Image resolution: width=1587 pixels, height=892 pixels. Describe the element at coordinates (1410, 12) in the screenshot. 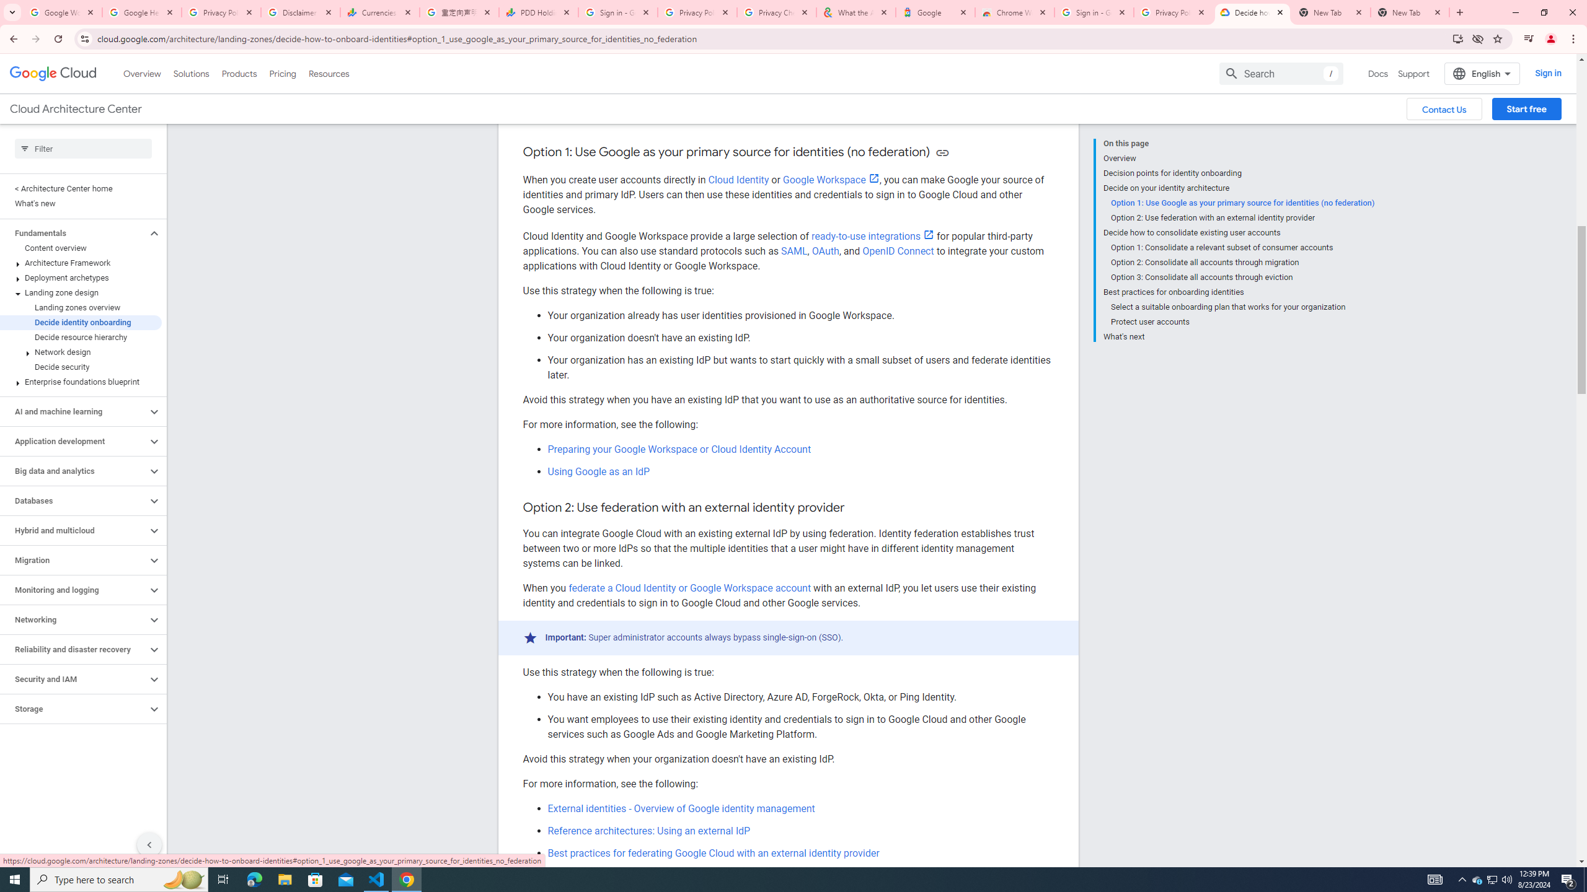

I see `'New Tab'` at that location.